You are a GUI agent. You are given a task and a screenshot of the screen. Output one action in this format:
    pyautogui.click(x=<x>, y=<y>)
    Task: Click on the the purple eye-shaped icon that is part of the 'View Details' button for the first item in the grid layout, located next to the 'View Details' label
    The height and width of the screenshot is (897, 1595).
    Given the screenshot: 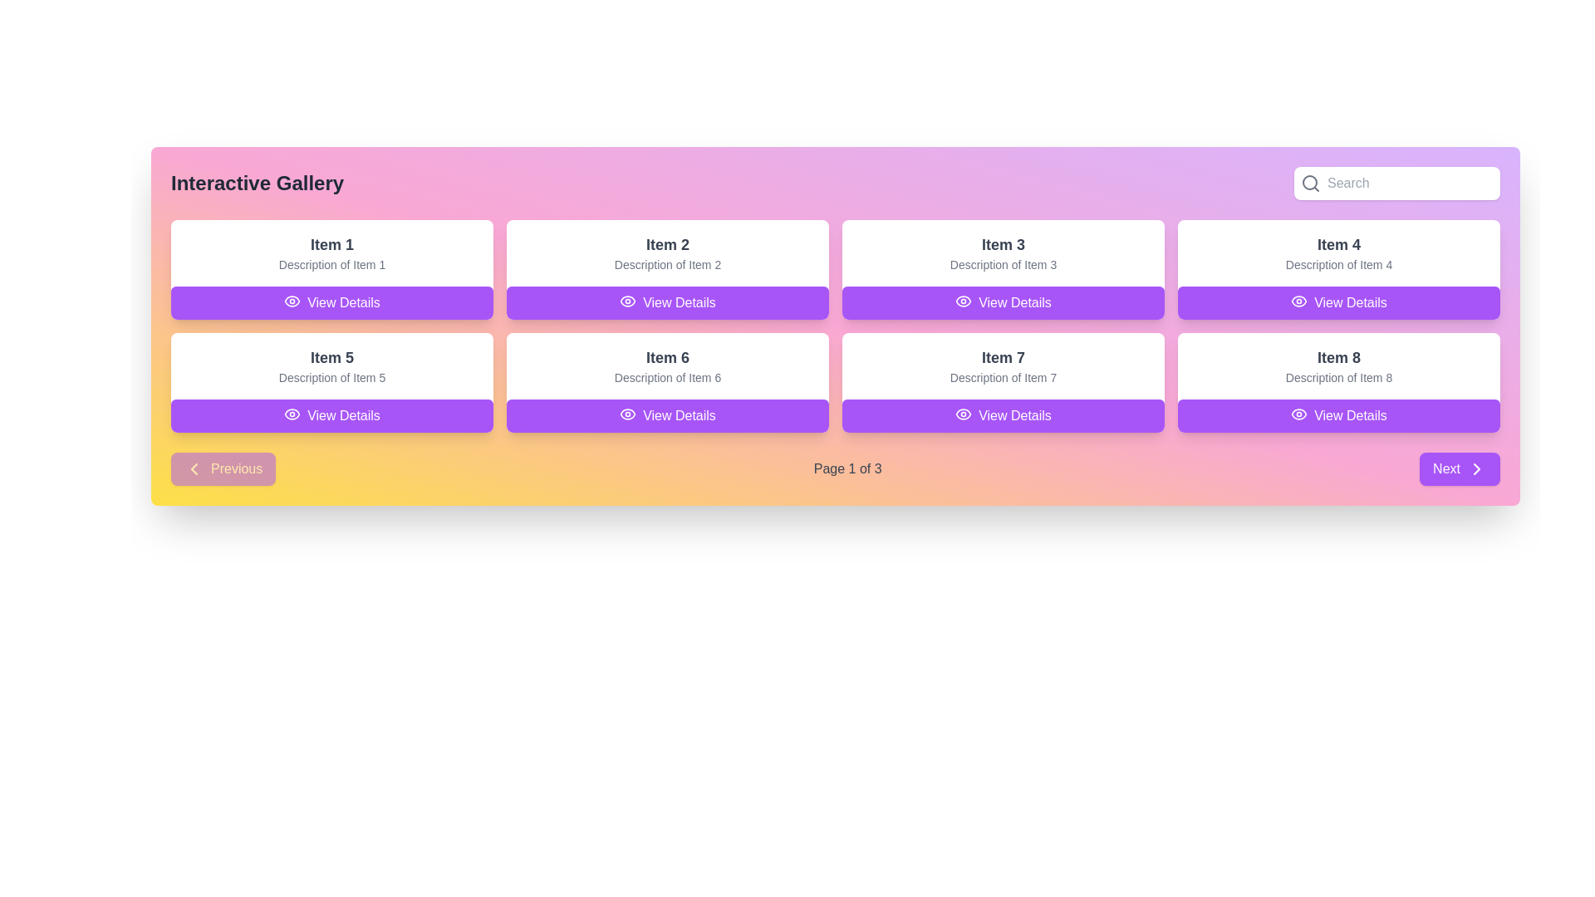 What is the action you would take?
    pyautogui.click(x=292, y=413)
    